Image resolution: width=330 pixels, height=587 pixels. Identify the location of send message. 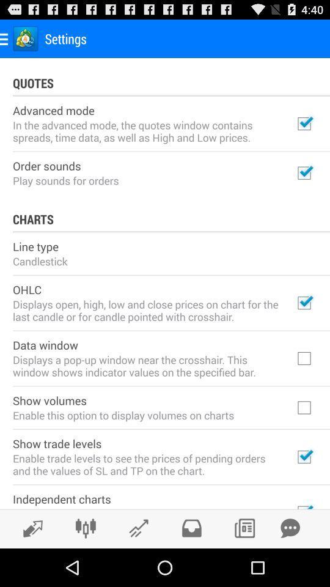
(290, 528).